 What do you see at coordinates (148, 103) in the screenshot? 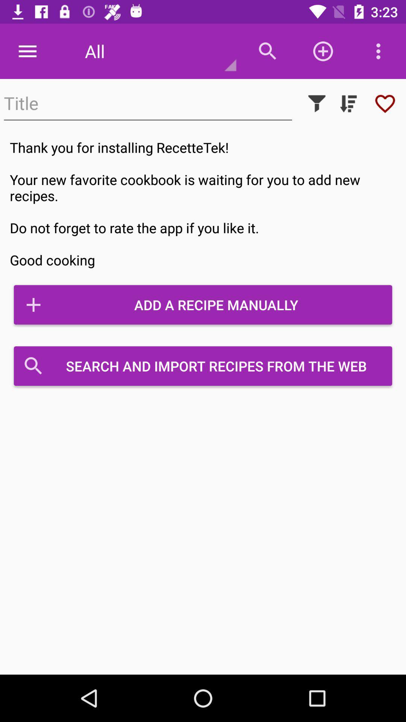
I see `a title` at bounding box center [148, 103].